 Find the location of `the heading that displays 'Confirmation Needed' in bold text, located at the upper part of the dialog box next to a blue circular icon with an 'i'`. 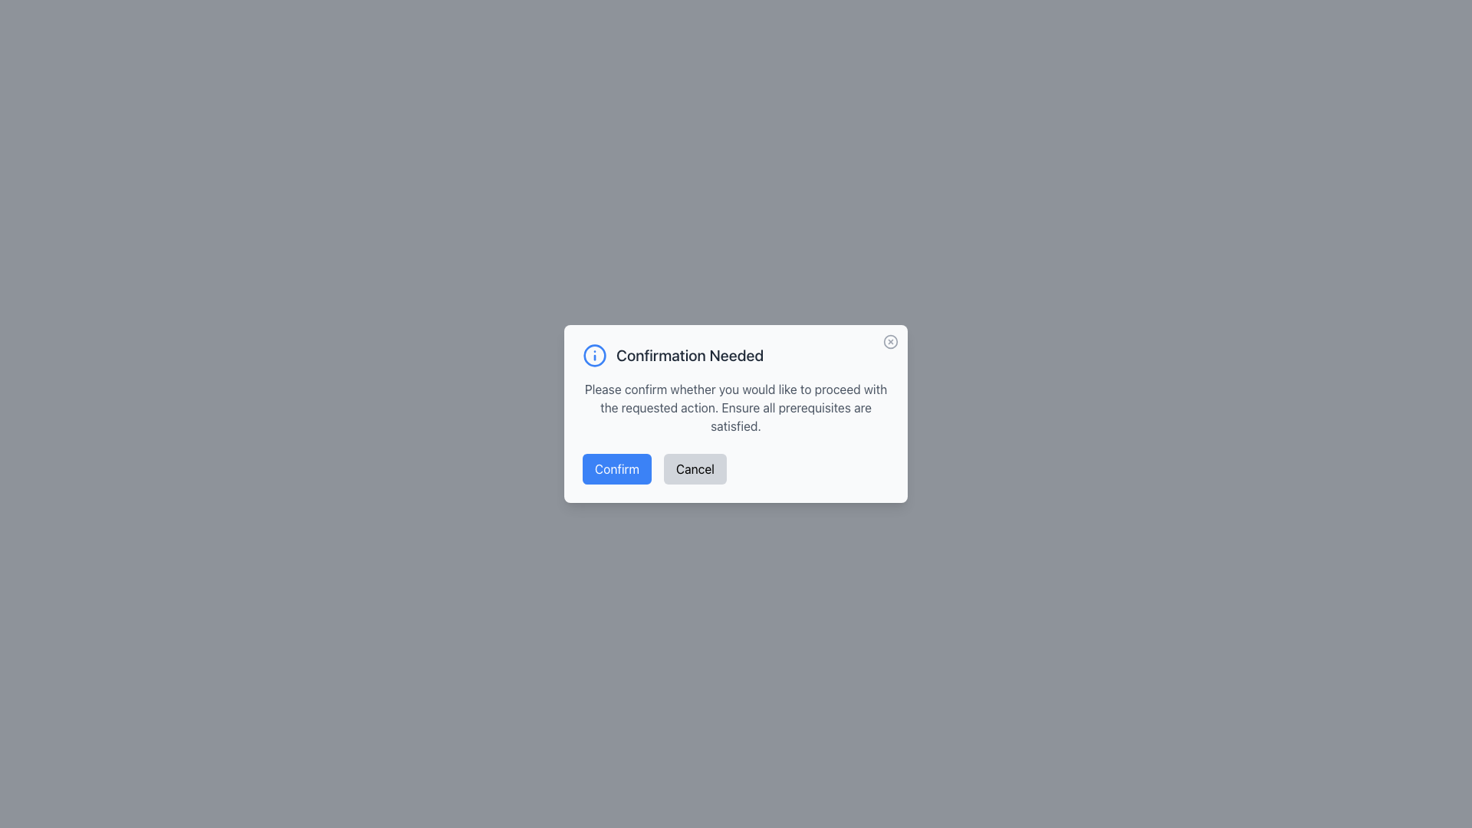

the heading that displays 'Confirmation Needed' in bold text, located at the upper part of the dialog box next to a blue circular icon with an 'i' is located at coordinates (736, 355).